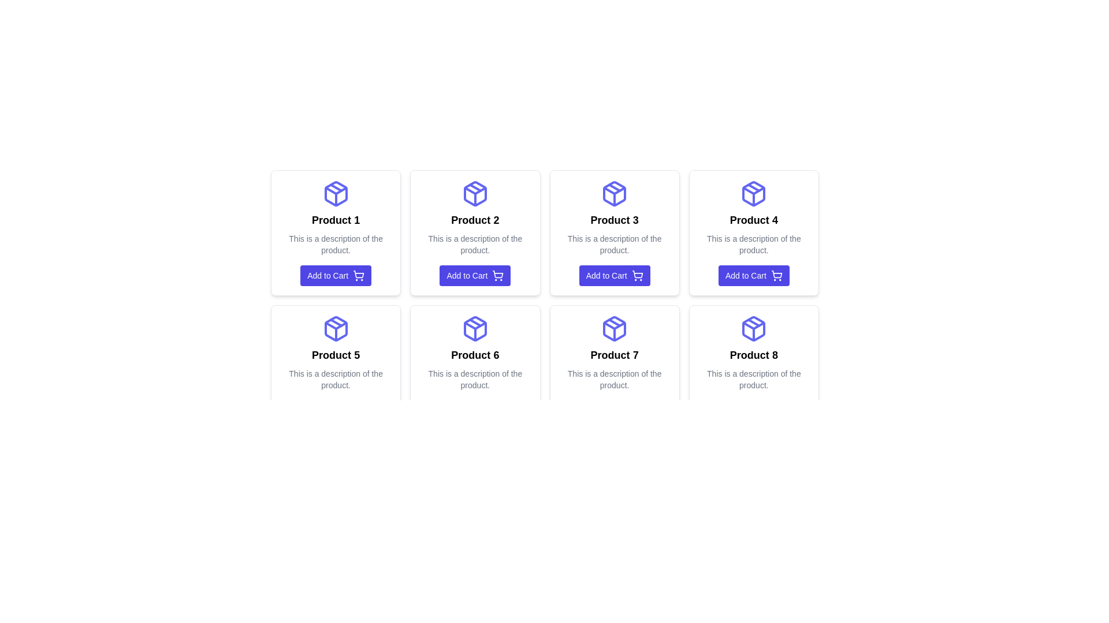  I want to click on the package icon styled in a purple-blue hue, located at the top of the first product card labeled 'Product 1', so click(335, 193).